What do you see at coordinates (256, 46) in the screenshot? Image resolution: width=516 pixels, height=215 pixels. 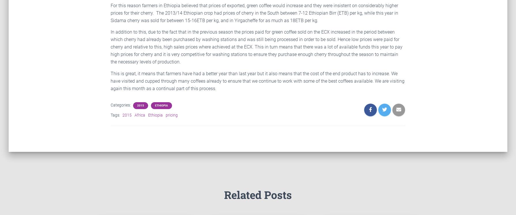 I see `'In addition to this, due to the fact that in the previous season the prices paid for green coffee sold on the ECX increased in the period between which cherry had already been purchased by washing stations and was still being processed in order to be sold. Hence low prices were paid for cherry and relative to this, high sales prices where achieved at the ECX. This in turn means that there was a lot of available funds this year to pay high prices for cherry and it is very competitive for washing stations to ensure they purchase enough cherry throughout the season to maintain the necessary levels of production.'` at bounding box center [256, 46].